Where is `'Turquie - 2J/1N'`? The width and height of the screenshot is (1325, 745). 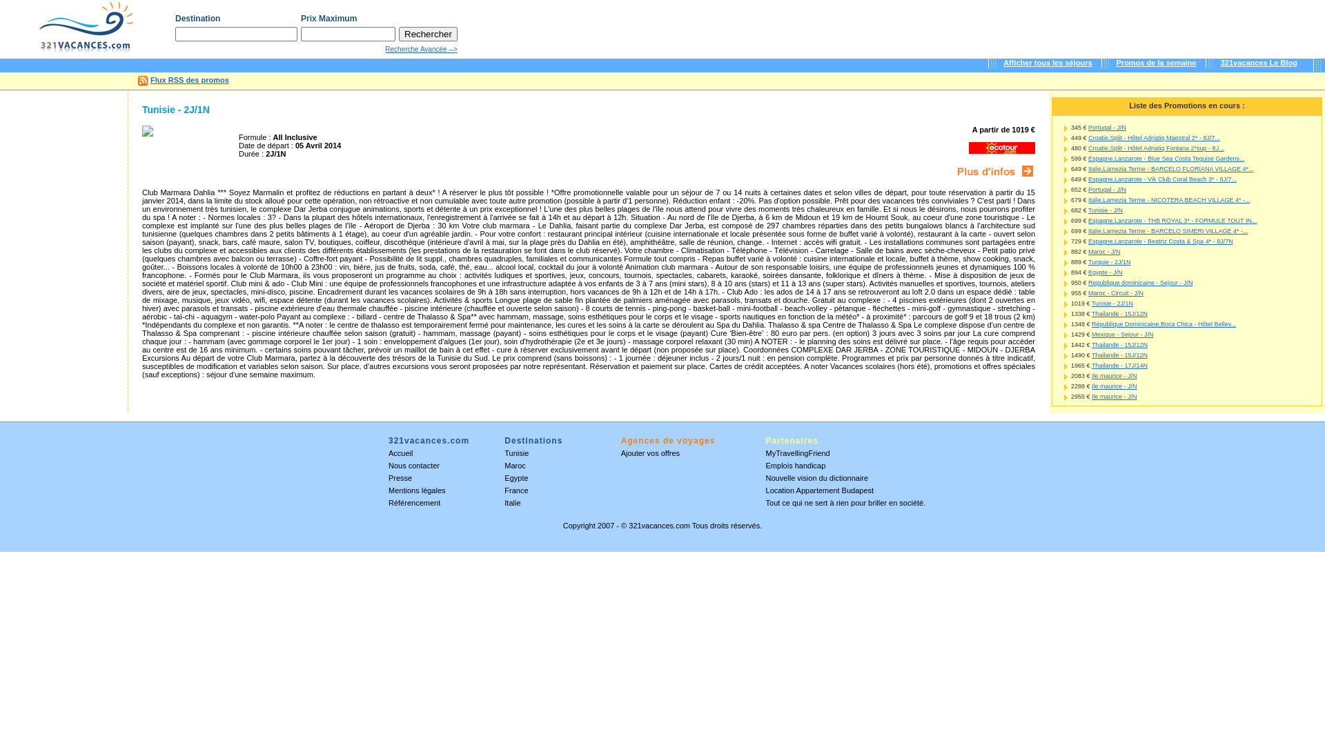 'Turquie - 2J/1N' is located at coordinates (1088, 262).